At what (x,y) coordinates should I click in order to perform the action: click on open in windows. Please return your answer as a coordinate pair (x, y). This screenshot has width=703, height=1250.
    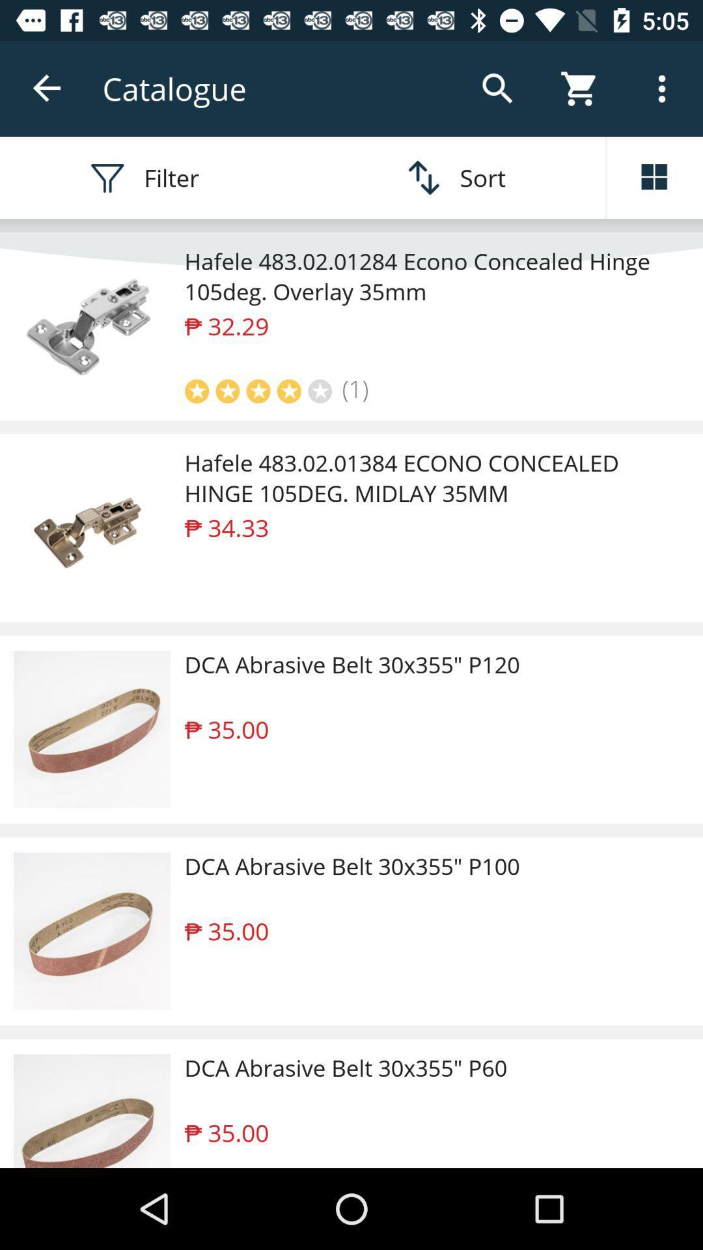
    Looking at the image, I should click on (655, 177).